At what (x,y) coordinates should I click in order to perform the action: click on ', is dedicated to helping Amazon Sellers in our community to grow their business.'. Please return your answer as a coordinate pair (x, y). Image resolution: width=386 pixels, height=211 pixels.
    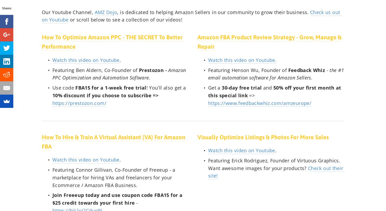
    Looking at the image, I should click on (213, 12).